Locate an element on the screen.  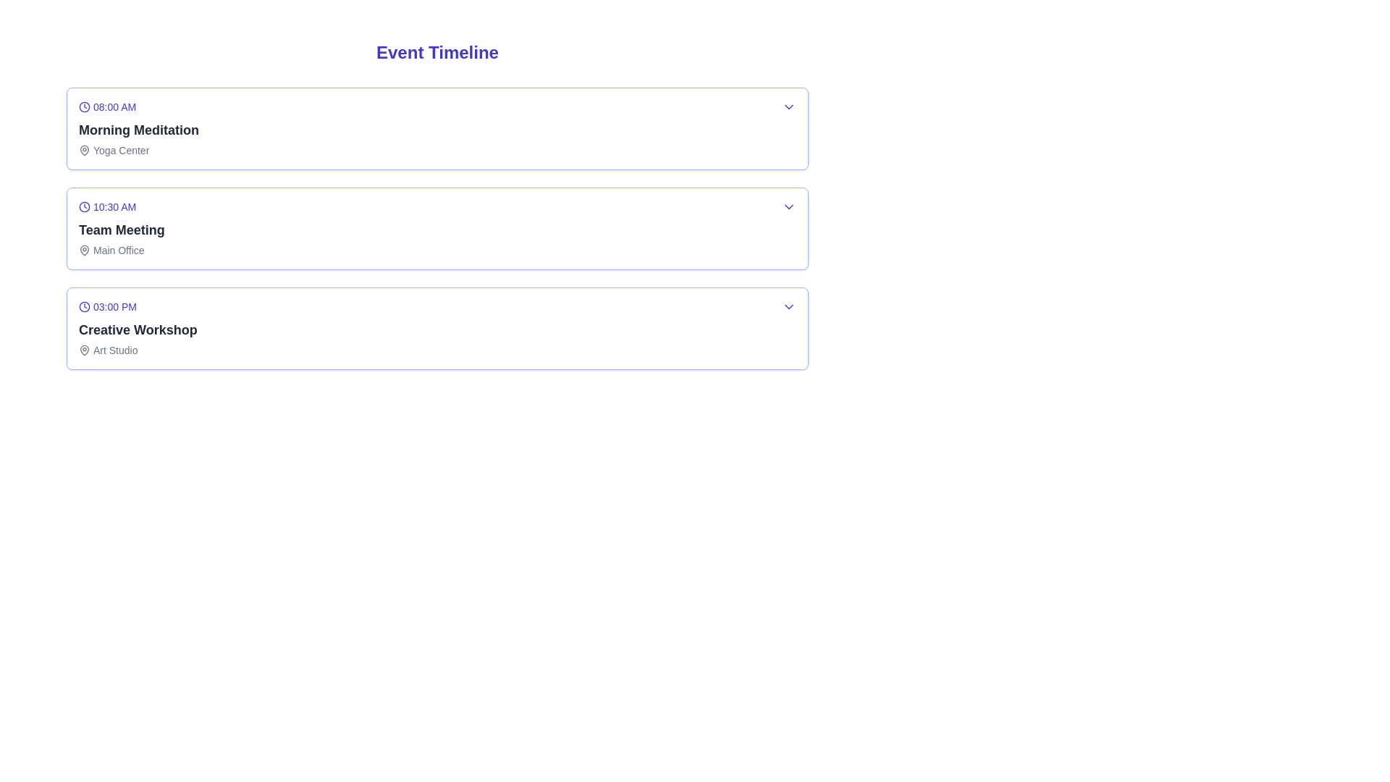
the Chevron icon on the far-right side of the '08:00 AM Morning Meditation' event entry is located at coordinates (788, 106).